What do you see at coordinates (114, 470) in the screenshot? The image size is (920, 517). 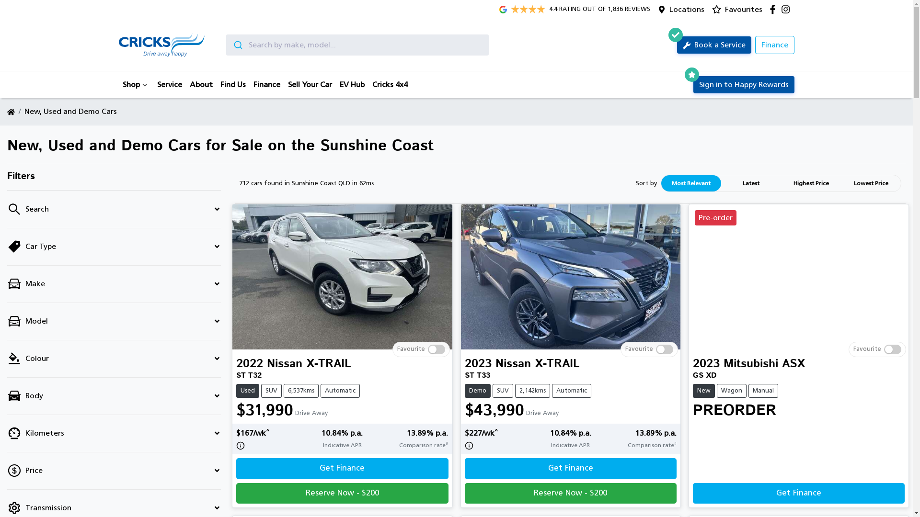 I see `'Price'` at bounding box center [114, 470].